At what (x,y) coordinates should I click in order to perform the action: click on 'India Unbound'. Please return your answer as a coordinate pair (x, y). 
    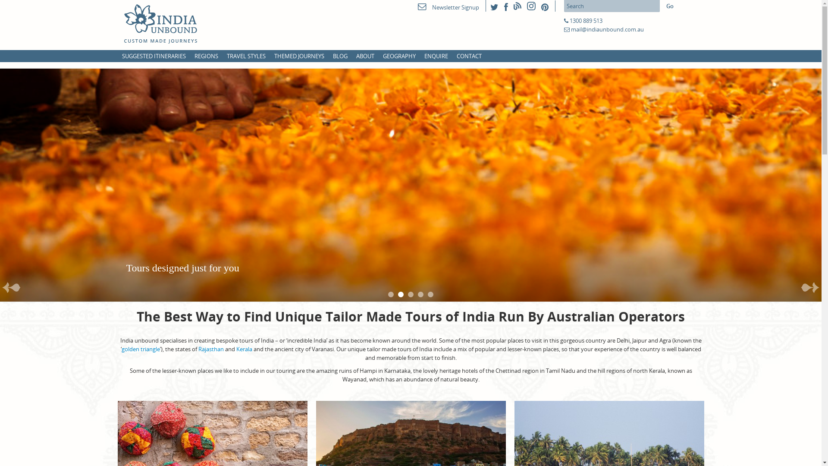
    Looking at the image, I should click on (173, 23).